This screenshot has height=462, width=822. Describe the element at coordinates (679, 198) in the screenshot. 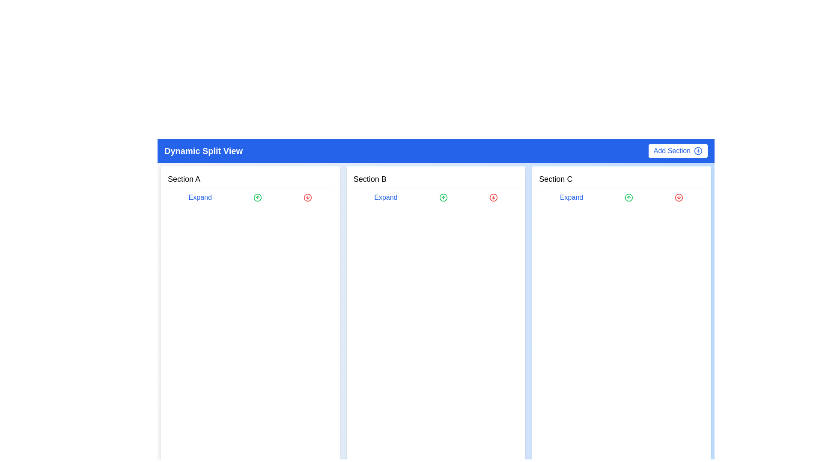

I see `the icon button in Section C, located at the top-right of the section` at that location.